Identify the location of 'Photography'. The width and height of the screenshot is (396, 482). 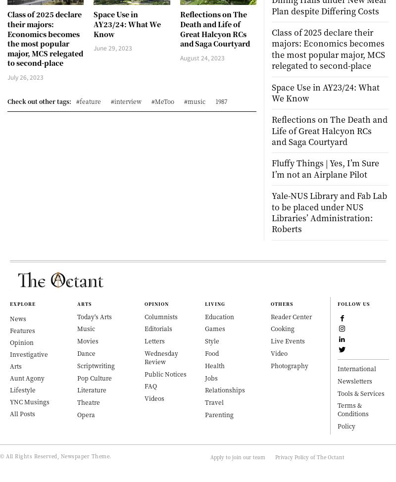
(289, 364).